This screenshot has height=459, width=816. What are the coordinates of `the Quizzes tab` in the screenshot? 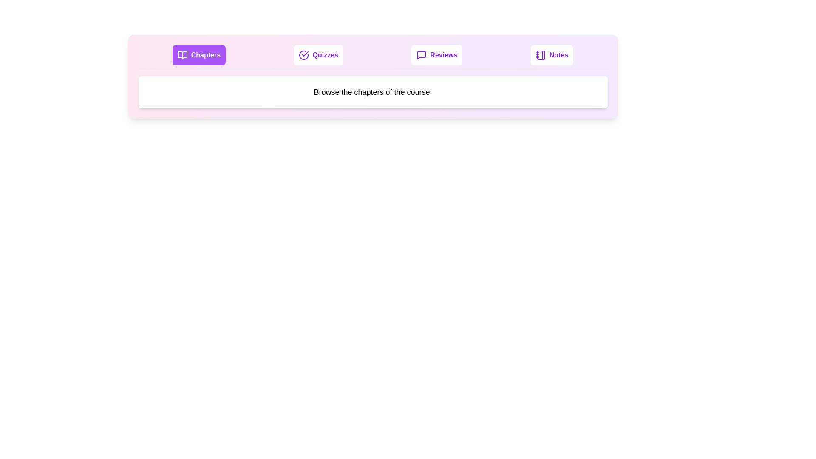 It's located at (318, 55).